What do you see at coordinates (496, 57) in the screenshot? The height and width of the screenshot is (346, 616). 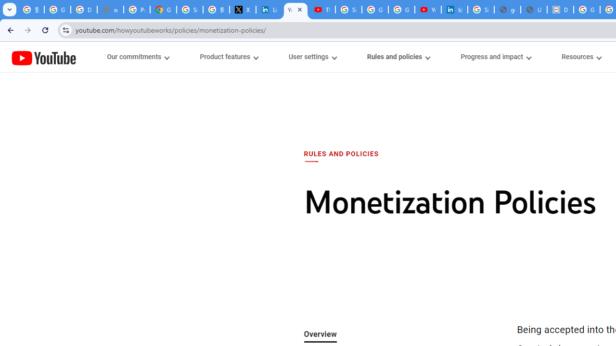 I see `'Progress and impact menupopup'` at bounding box center [496, 57].